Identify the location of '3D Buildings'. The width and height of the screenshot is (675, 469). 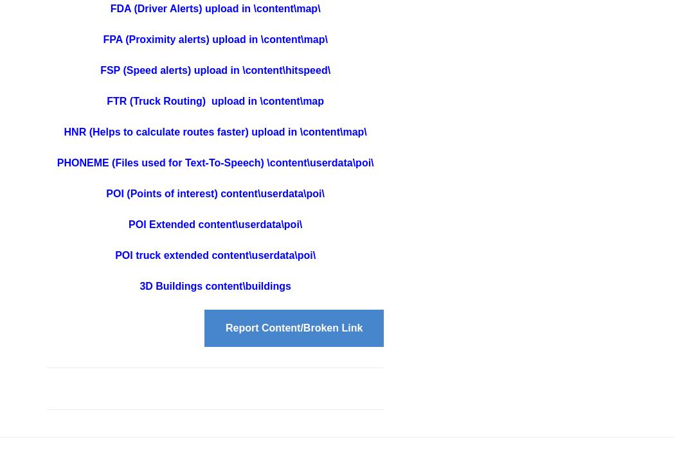
(171, 285).